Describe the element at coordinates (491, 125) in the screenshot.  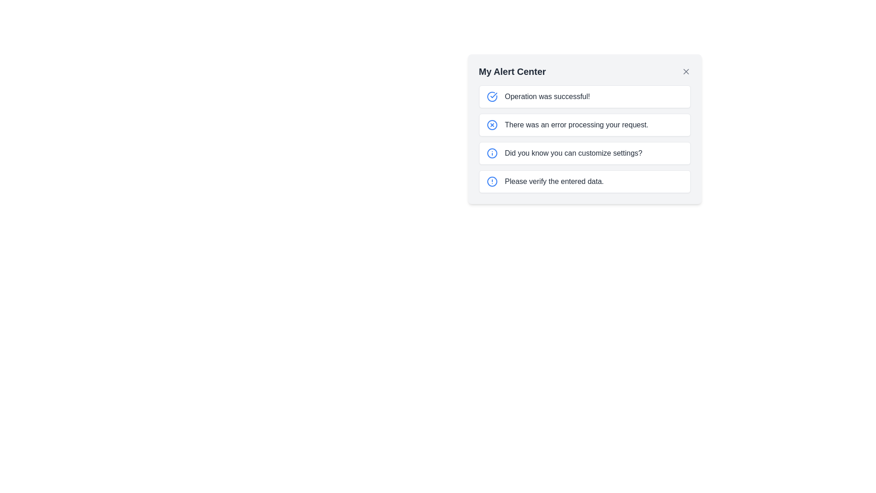
I see `the Circle SVG element that signifies the severity level of the alert indicating an error, located within the notification context for 'There was an error processing your request.'` at that location.